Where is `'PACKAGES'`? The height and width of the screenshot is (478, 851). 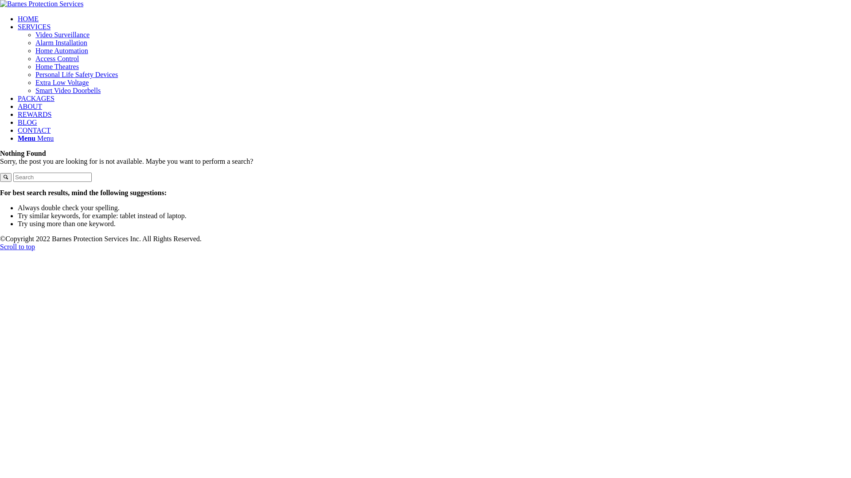
'PACKAGES' is located at coordinates (35, 98).